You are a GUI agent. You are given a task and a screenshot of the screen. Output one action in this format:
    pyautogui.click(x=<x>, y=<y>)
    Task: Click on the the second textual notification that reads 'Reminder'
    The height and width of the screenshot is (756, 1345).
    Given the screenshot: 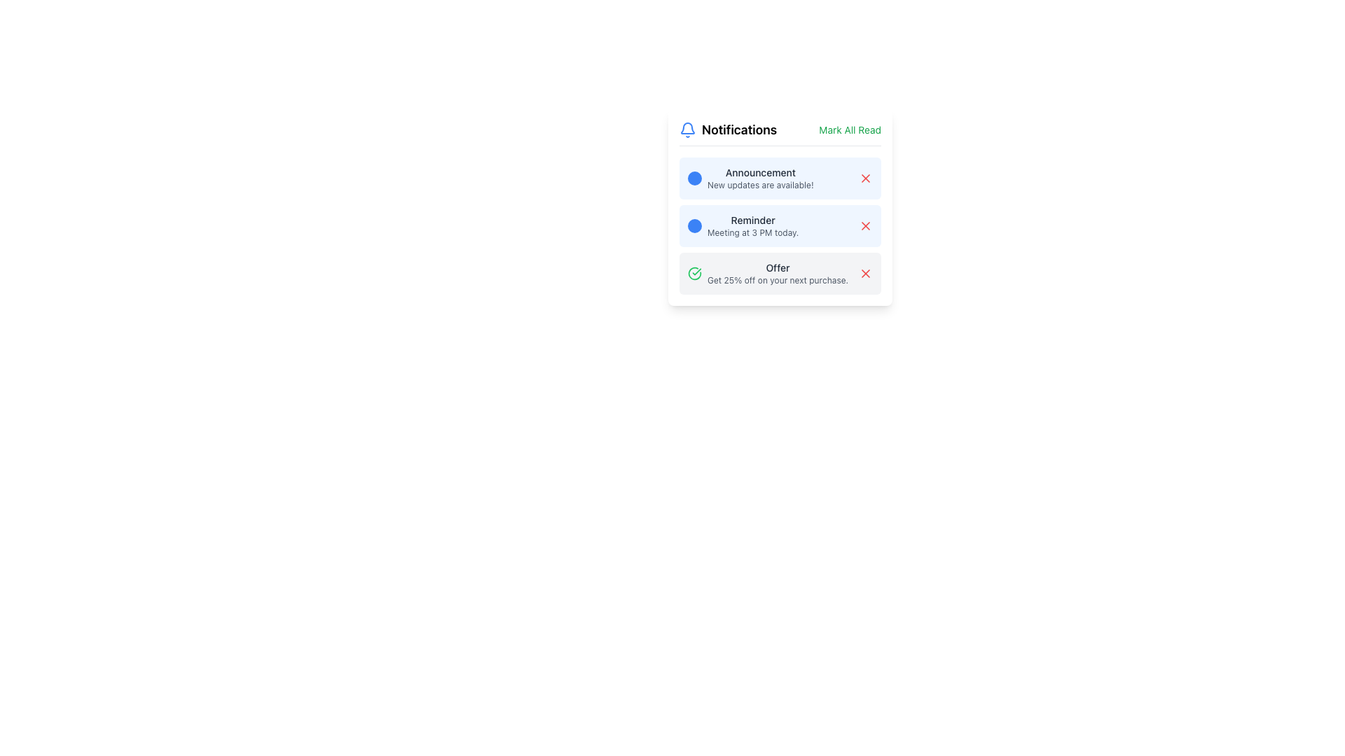 What is the action you would take?
    pyautogui.click(x=752, y=225)
    